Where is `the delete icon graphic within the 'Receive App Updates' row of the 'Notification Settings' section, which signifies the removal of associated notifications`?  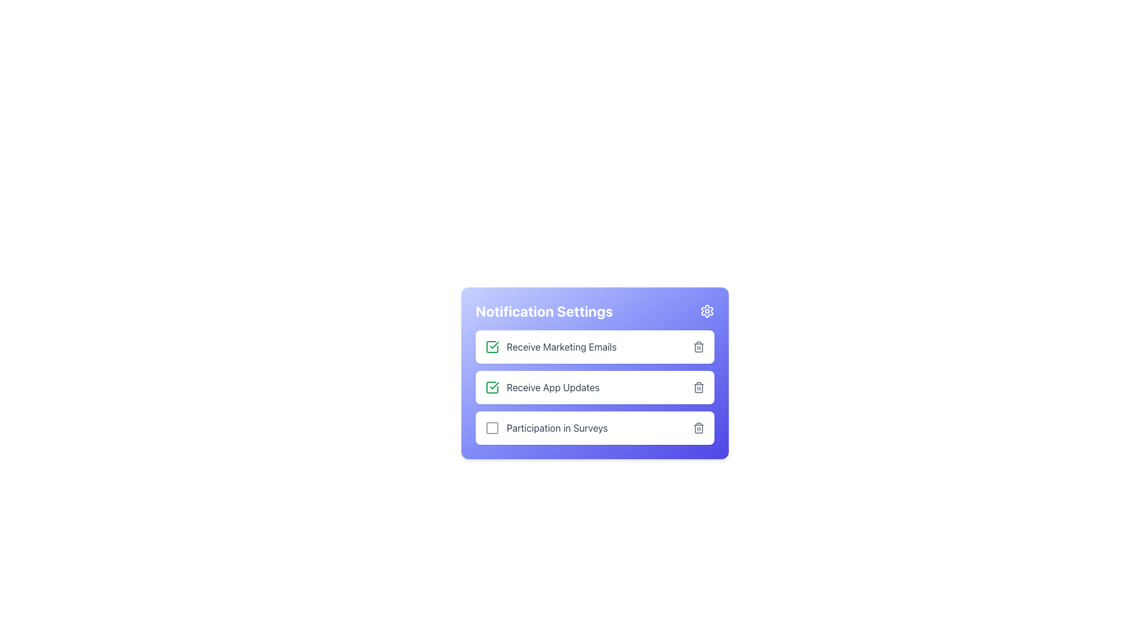 the delete icon graphic within the 'Receive App Updates' row of the 'Notification Settings' section, which signifies the removal of associated notifications is located at coordinates (699, 388).